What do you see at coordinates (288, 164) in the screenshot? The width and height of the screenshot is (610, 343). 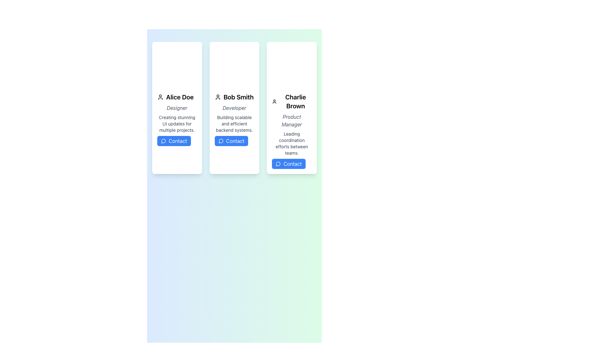 I see `the contact button for Charlie Brown located at the bottom of his profile card to trigger visual feedback` at bounding box center [288, 164].